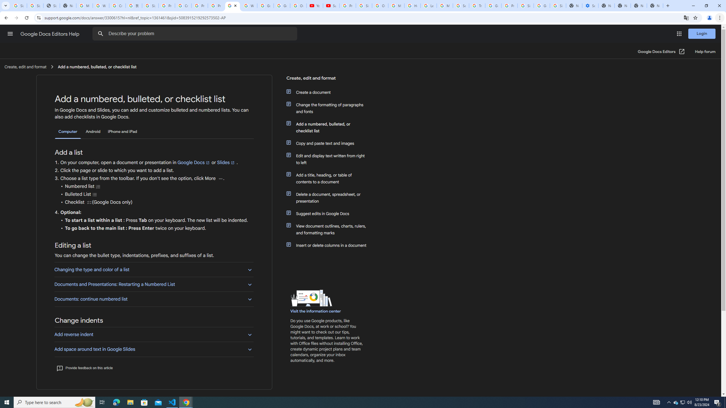 The image size is (726, 408). What do you see at coordinates (5, 5) in the screenshot?
I see `'Search tabs'` at bounding box center [5, 5].